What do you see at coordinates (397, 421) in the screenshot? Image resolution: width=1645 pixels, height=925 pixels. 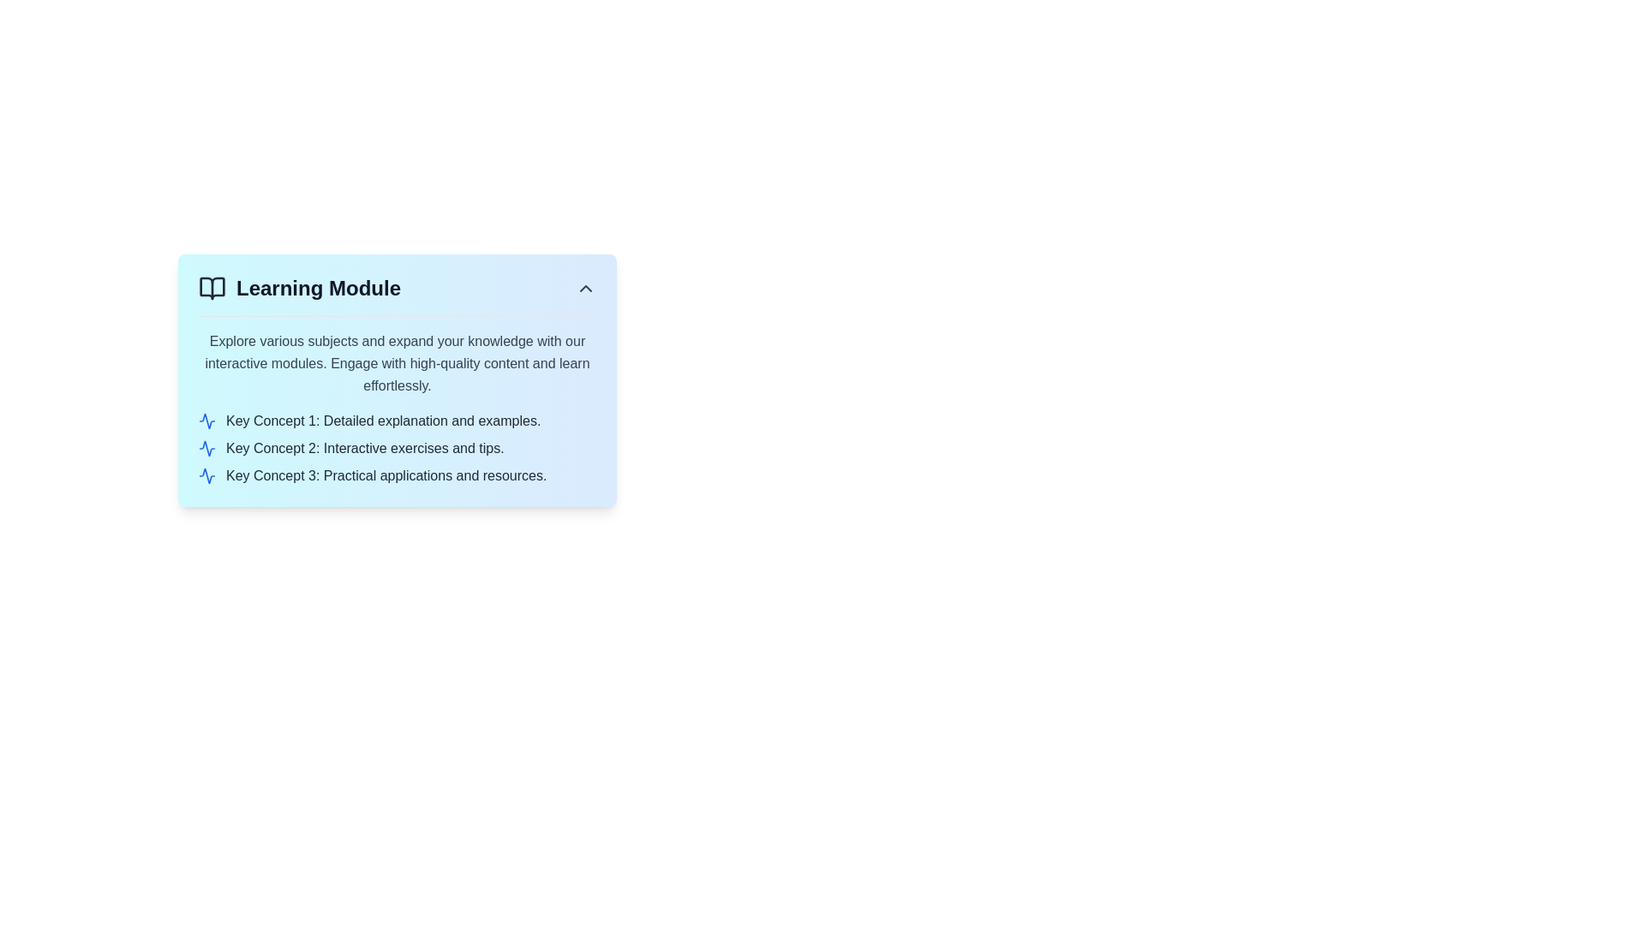 I see `the first item in the 'Learning Module' section, which provides an overview of a key concept` at bounding box center [397, 421].